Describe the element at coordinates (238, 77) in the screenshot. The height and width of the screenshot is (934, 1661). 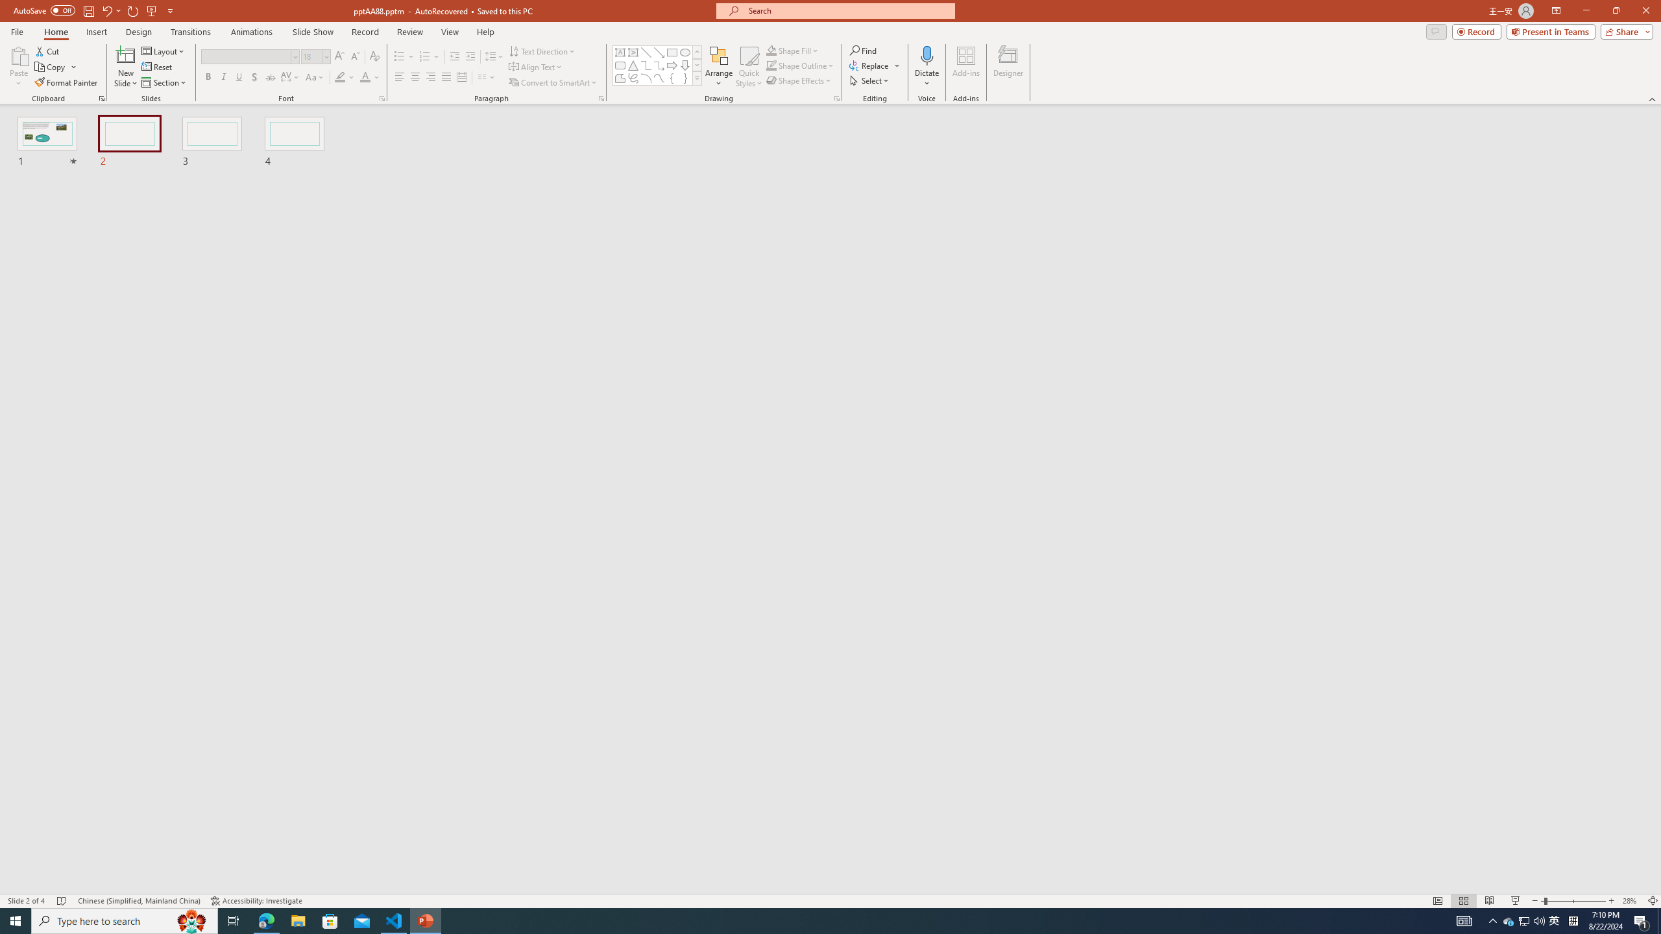
I see `'Underline'` at that location.